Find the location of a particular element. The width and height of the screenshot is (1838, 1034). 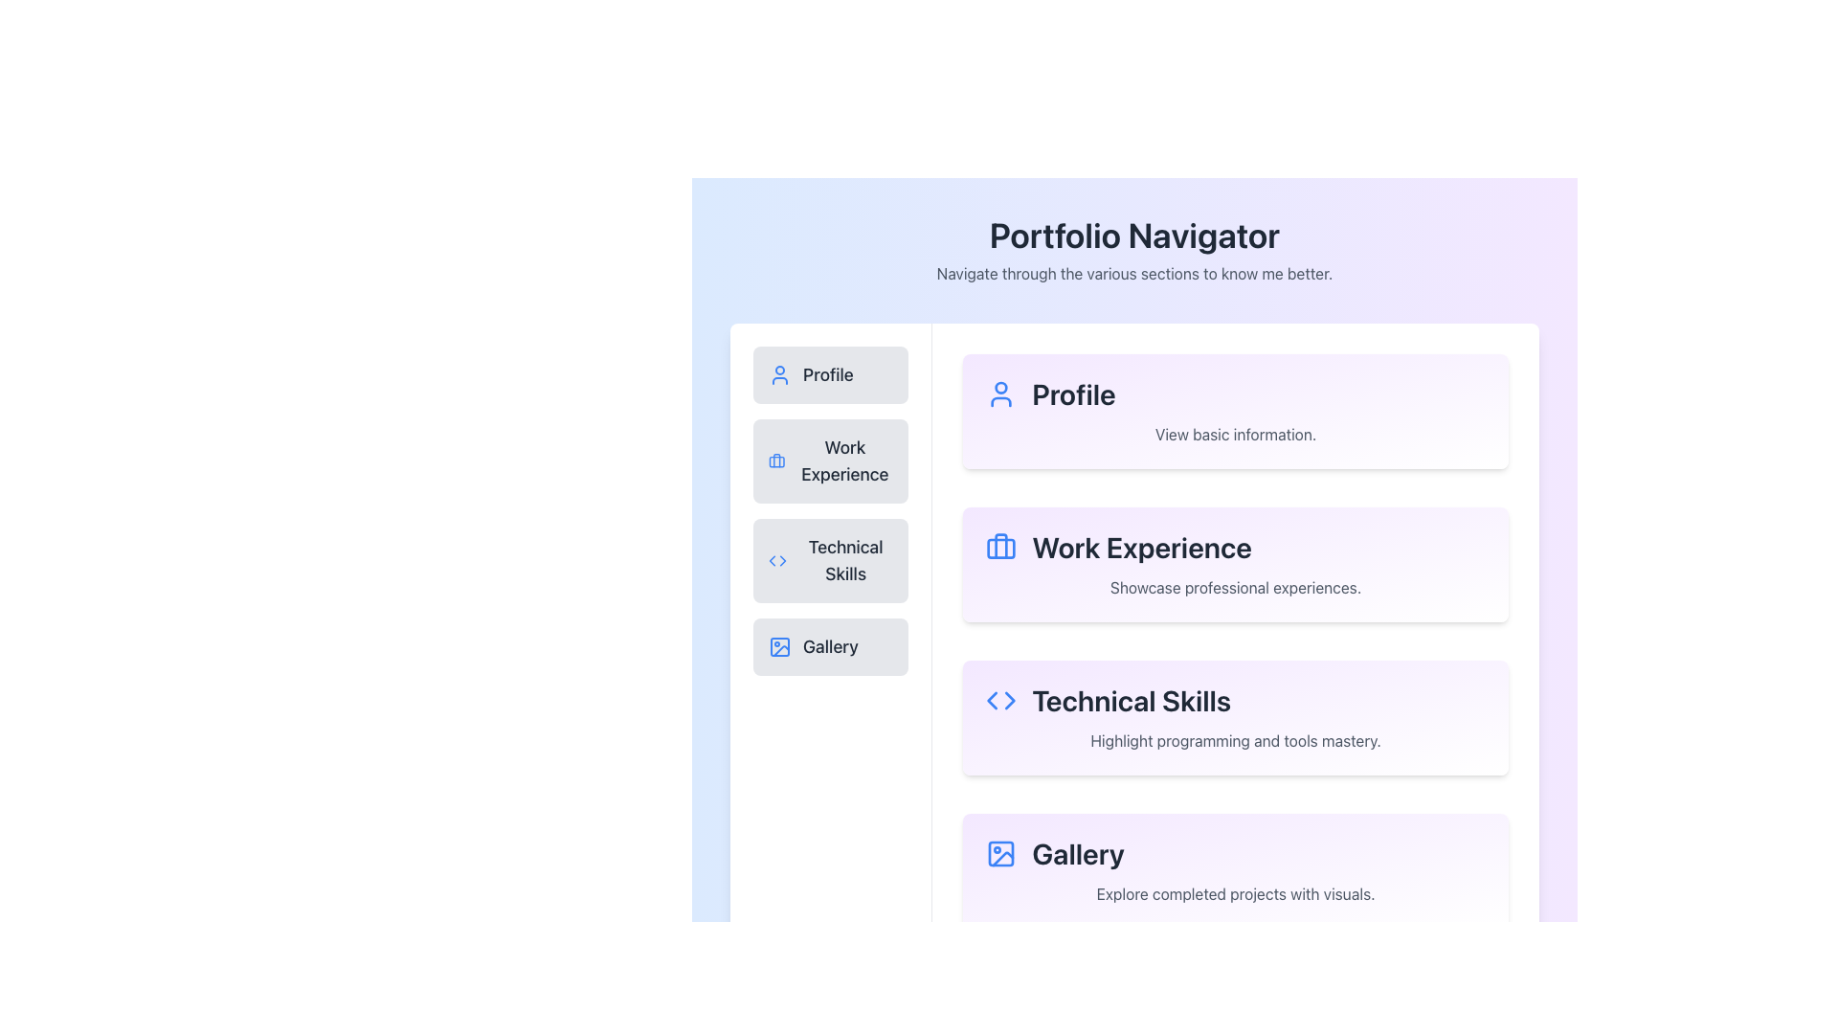

the blue outlined icon resembling an image located to the left of the text 'Gallery' is located at coordinates (1000, 852).